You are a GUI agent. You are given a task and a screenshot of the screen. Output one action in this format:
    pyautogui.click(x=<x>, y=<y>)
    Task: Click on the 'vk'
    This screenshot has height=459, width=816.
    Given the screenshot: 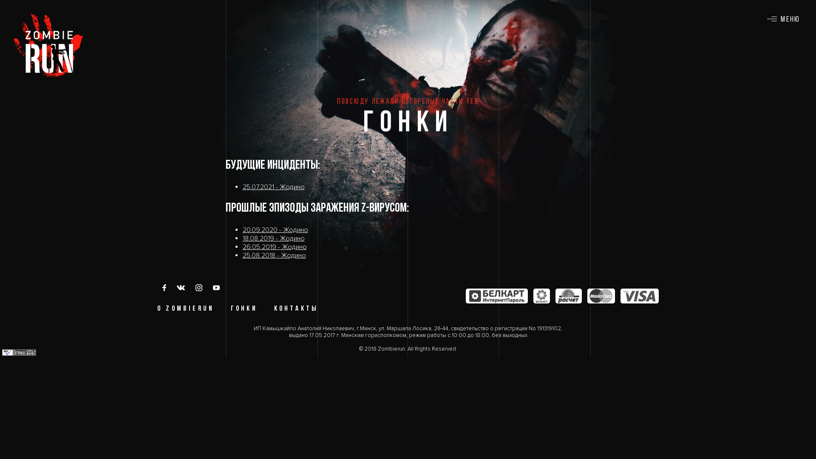 What is the action you would take?
    pyautogui.click(x=181, y=287)
    